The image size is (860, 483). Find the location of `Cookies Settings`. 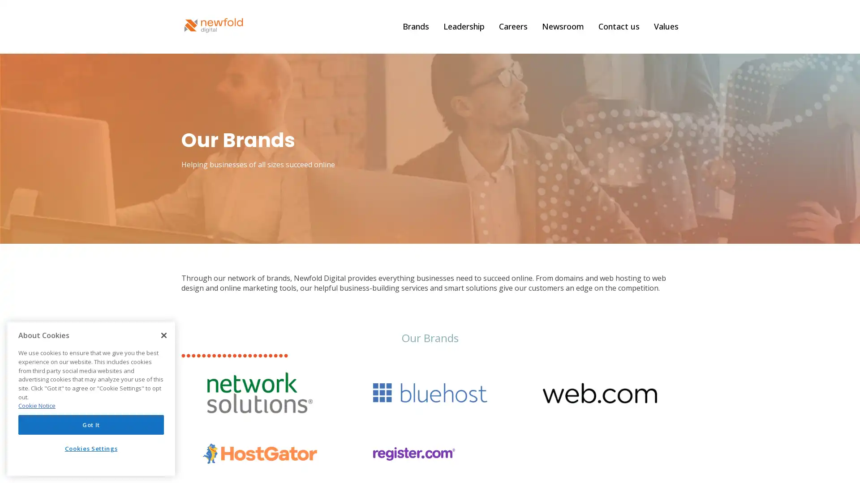

Cookies Settings is located at coordinates (91, 448).